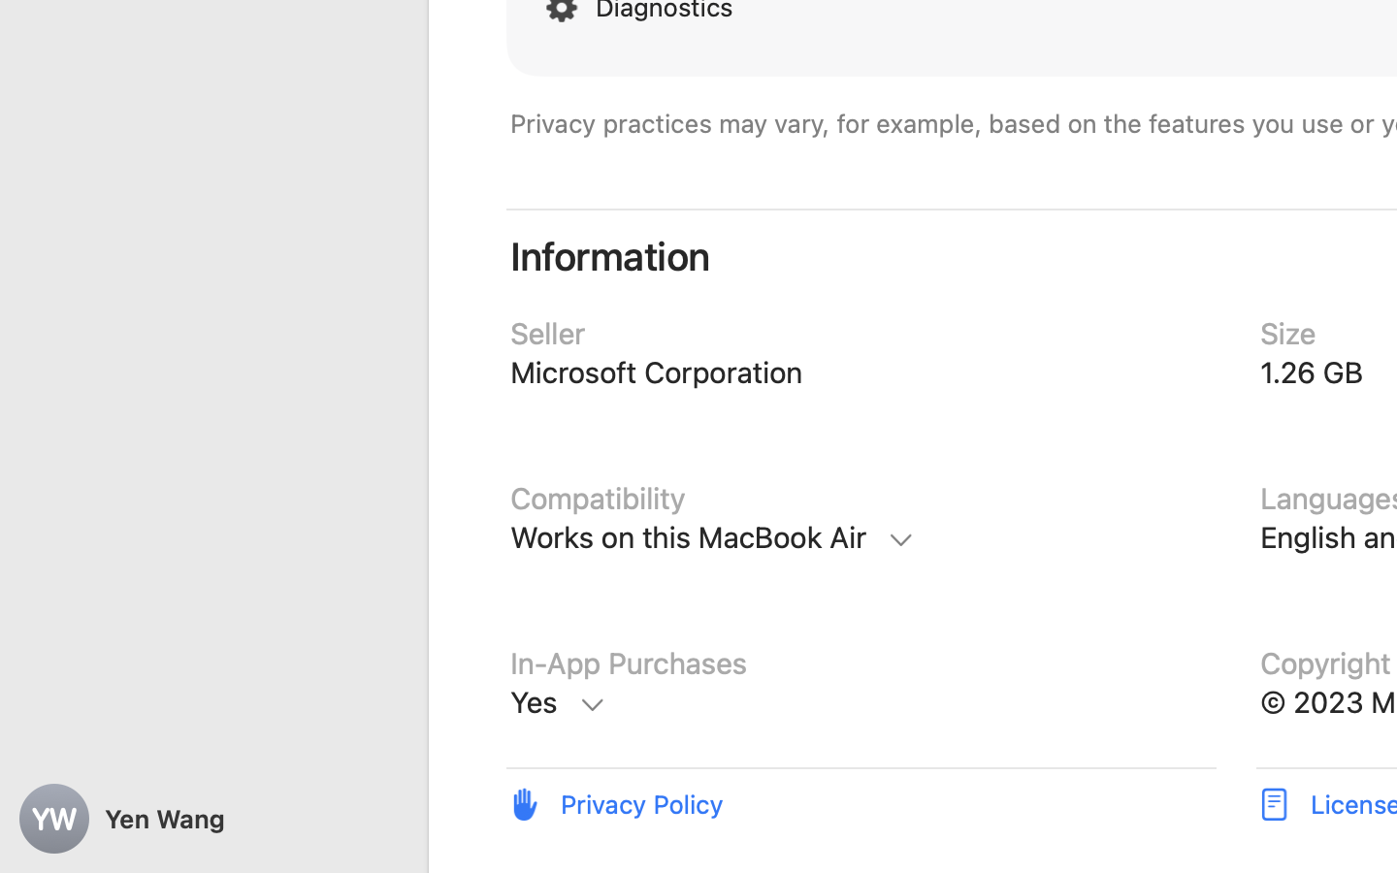 The image size is (1397, 873). Describe the element at coordinates (861, 702) in the screenshot. I see `'In-App Purchases, Microsoft 365 Personal, $69.99, Microsoft 365 Personal Monthly, $6.99, Microsoft 365 Family, $99.99, Microsoft 365 Family, $9.99, Microsoft Copilot Pro, $20.00, Microsoft 365 Personal, $119.99, Learn More'` at that location.